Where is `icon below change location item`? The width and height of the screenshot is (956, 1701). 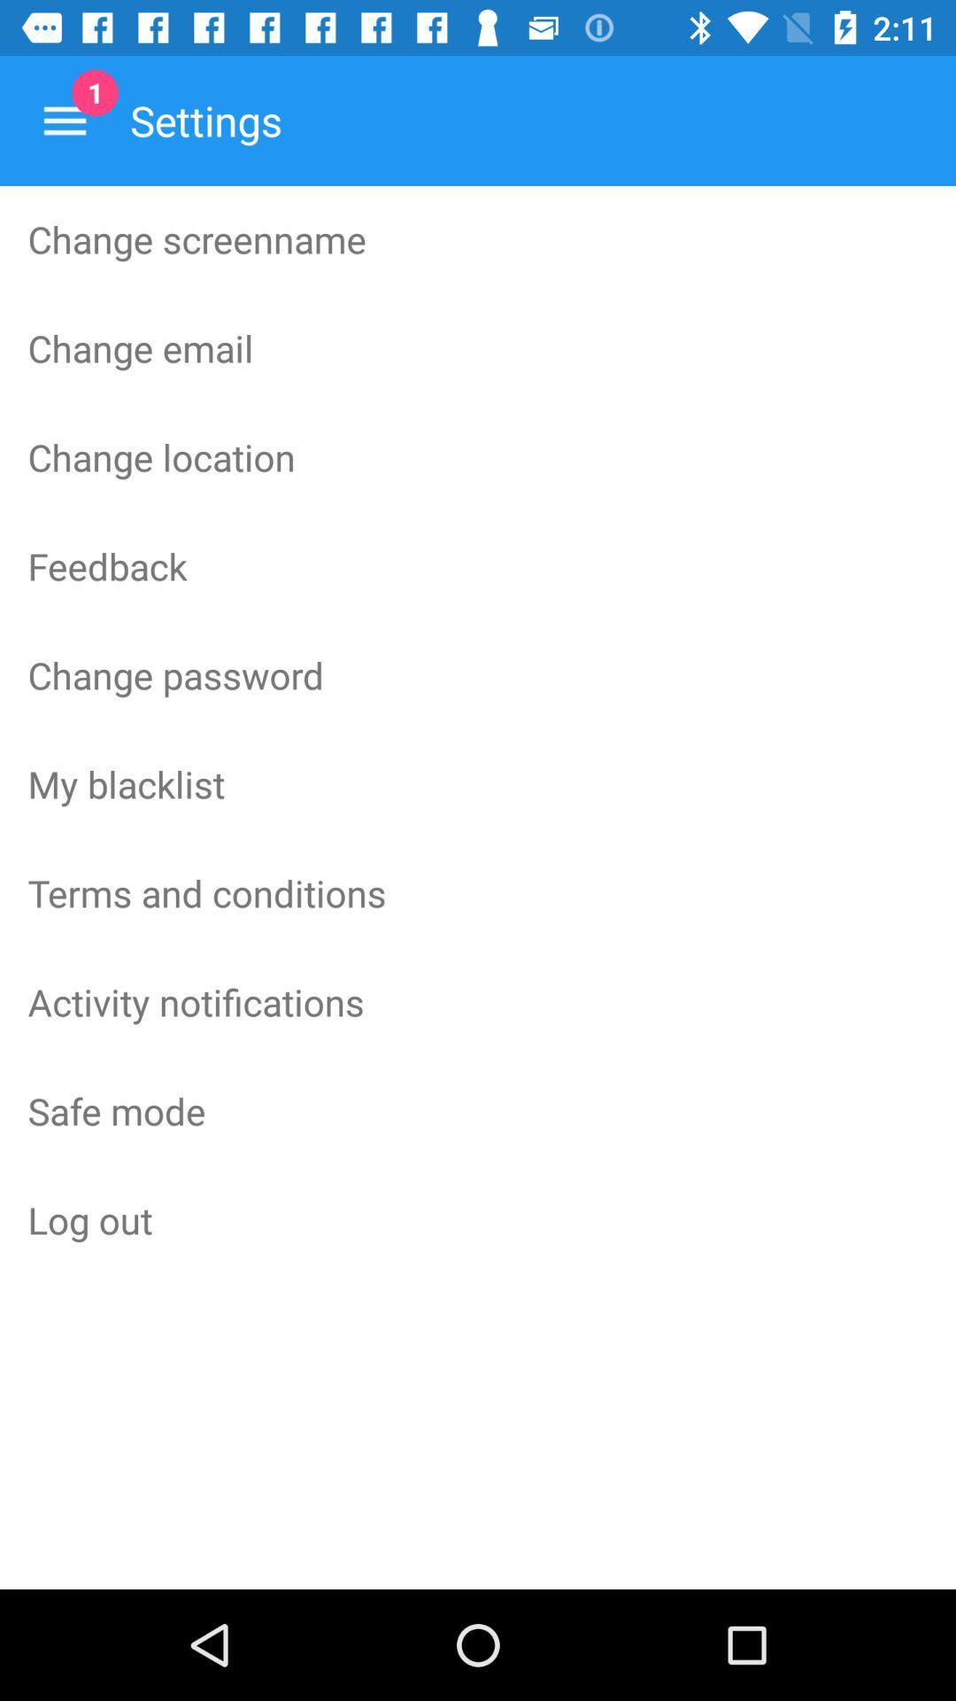 icon below change location item is located at coordinates (478, 564).